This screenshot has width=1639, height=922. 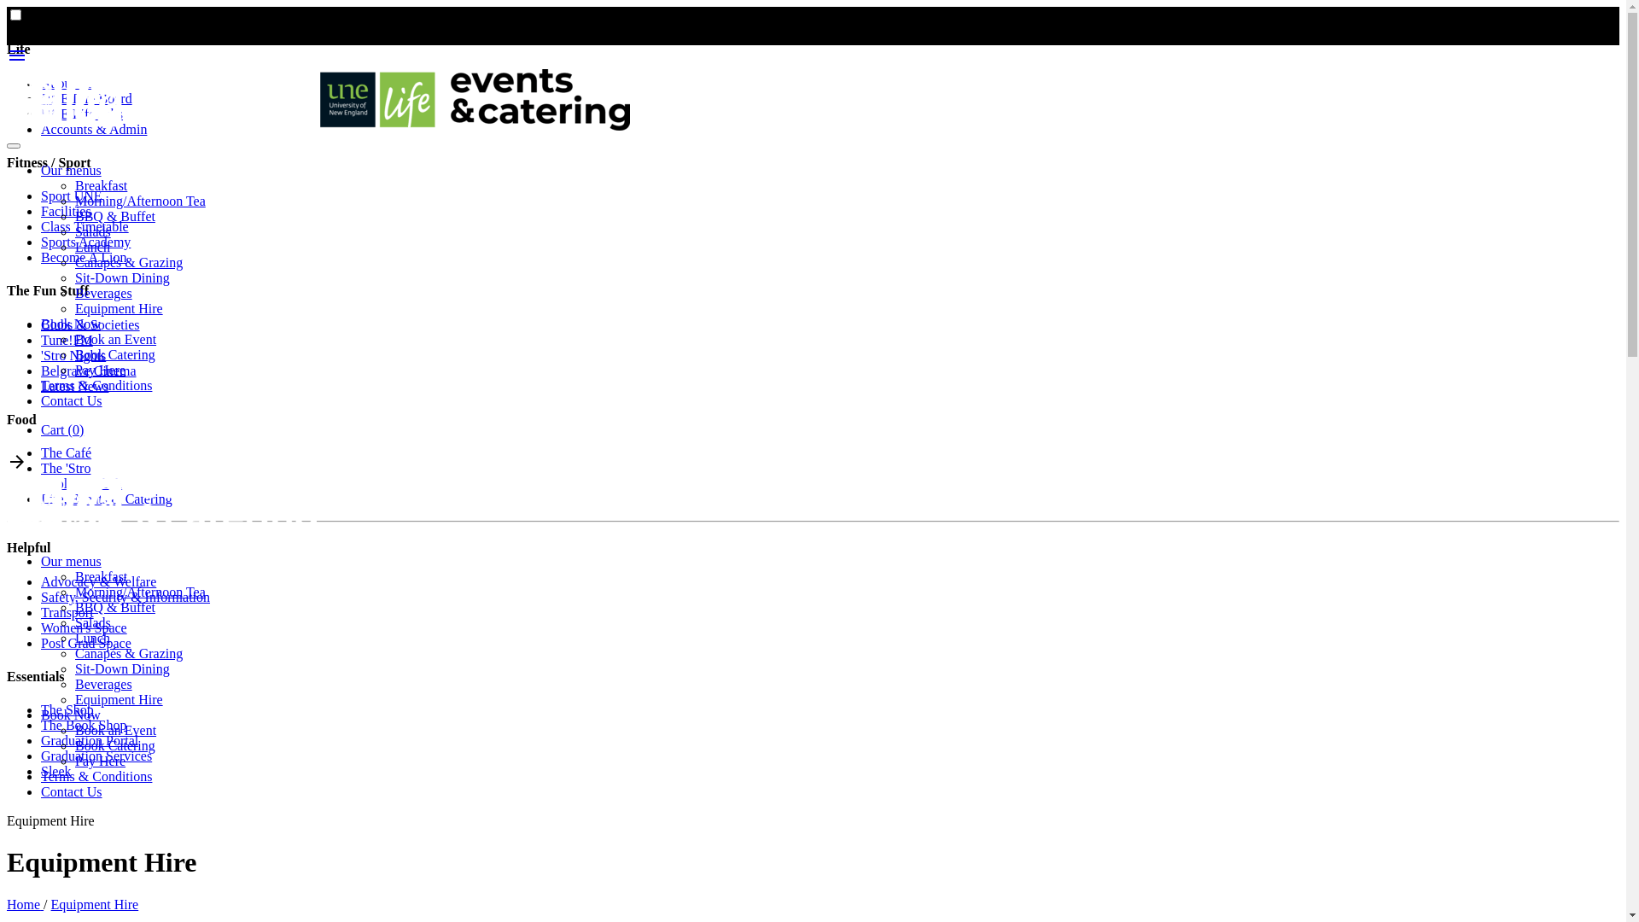 I want to click on 'Accounts & Admin', so click(x=93, y=128).